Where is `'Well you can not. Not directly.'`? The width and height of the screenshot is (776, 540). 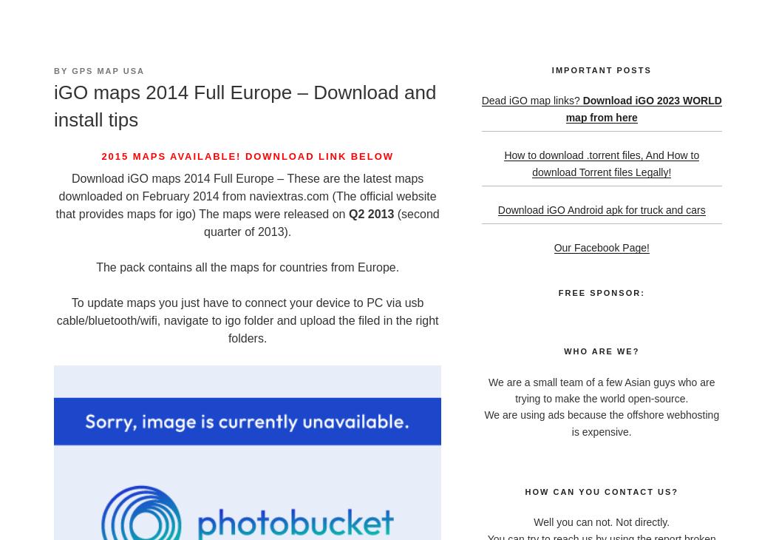 'Well you can not. Not directly.' is located at coordinates (600, 522).